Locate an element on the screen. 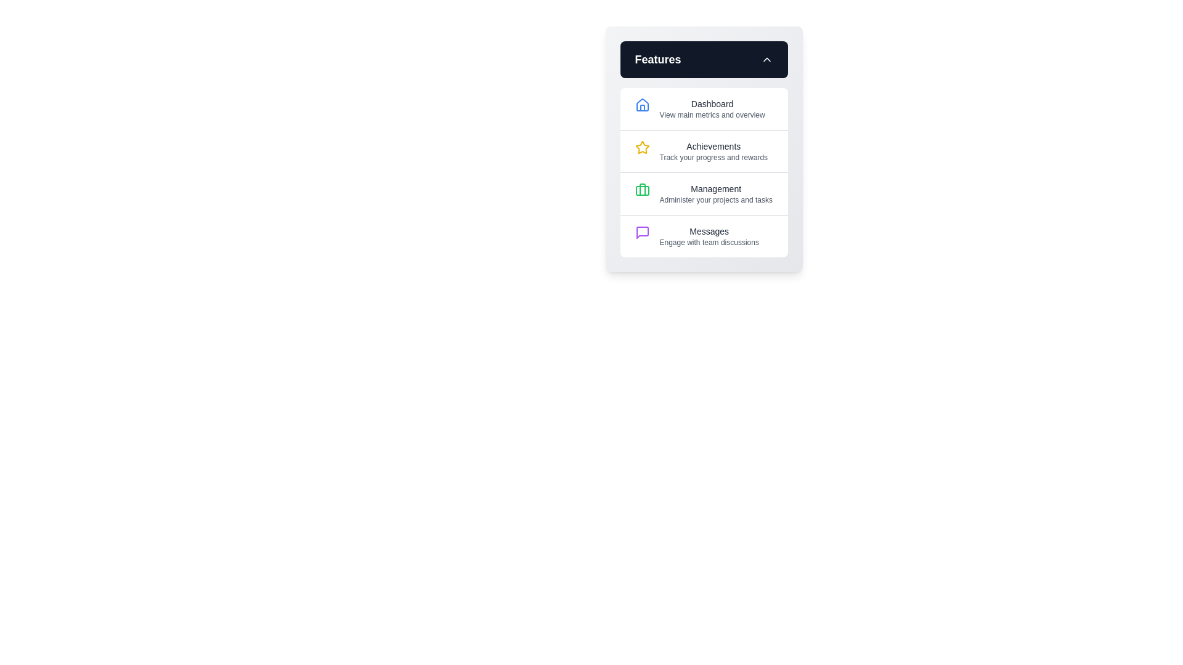 Image resolution: width=1183 pixels, height=665 pixels. the fourth menu option labeled 'Messages' in the 'Features' menu is located at coordinates (704, 236).